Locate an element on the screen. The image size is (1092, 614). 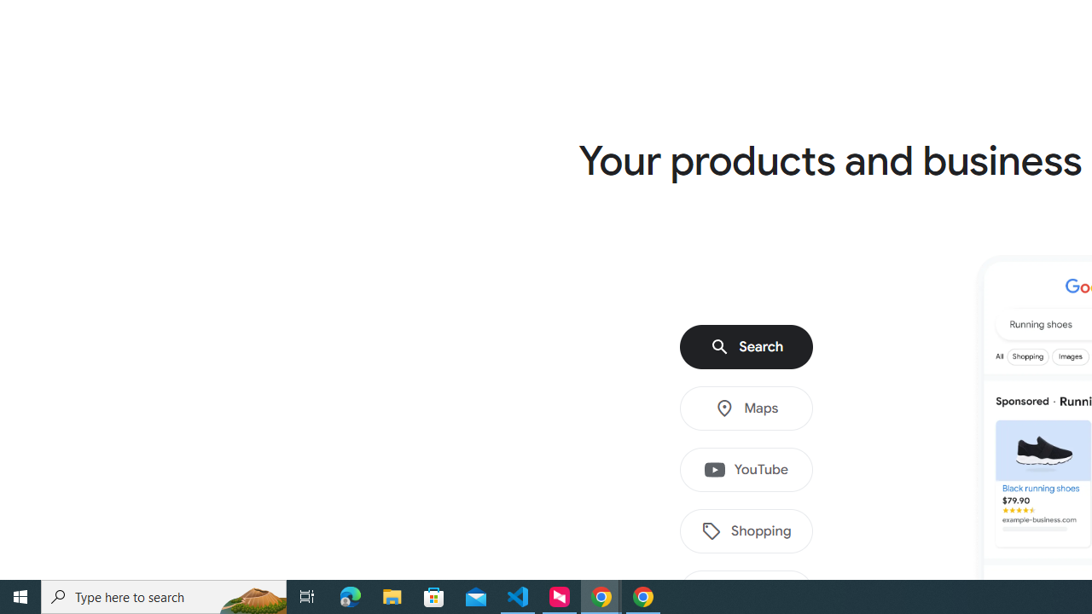
'YouTube' is located at coordinates (746, 470).